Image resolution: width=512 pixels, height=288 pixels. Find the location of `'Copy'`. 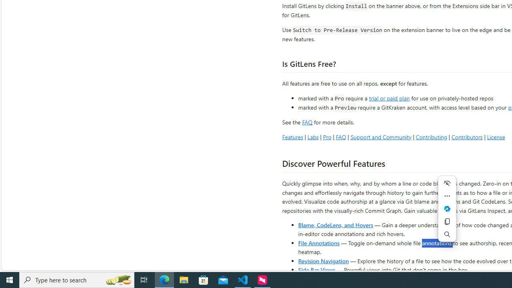

'Copy' is located at coordinates (447, 222).